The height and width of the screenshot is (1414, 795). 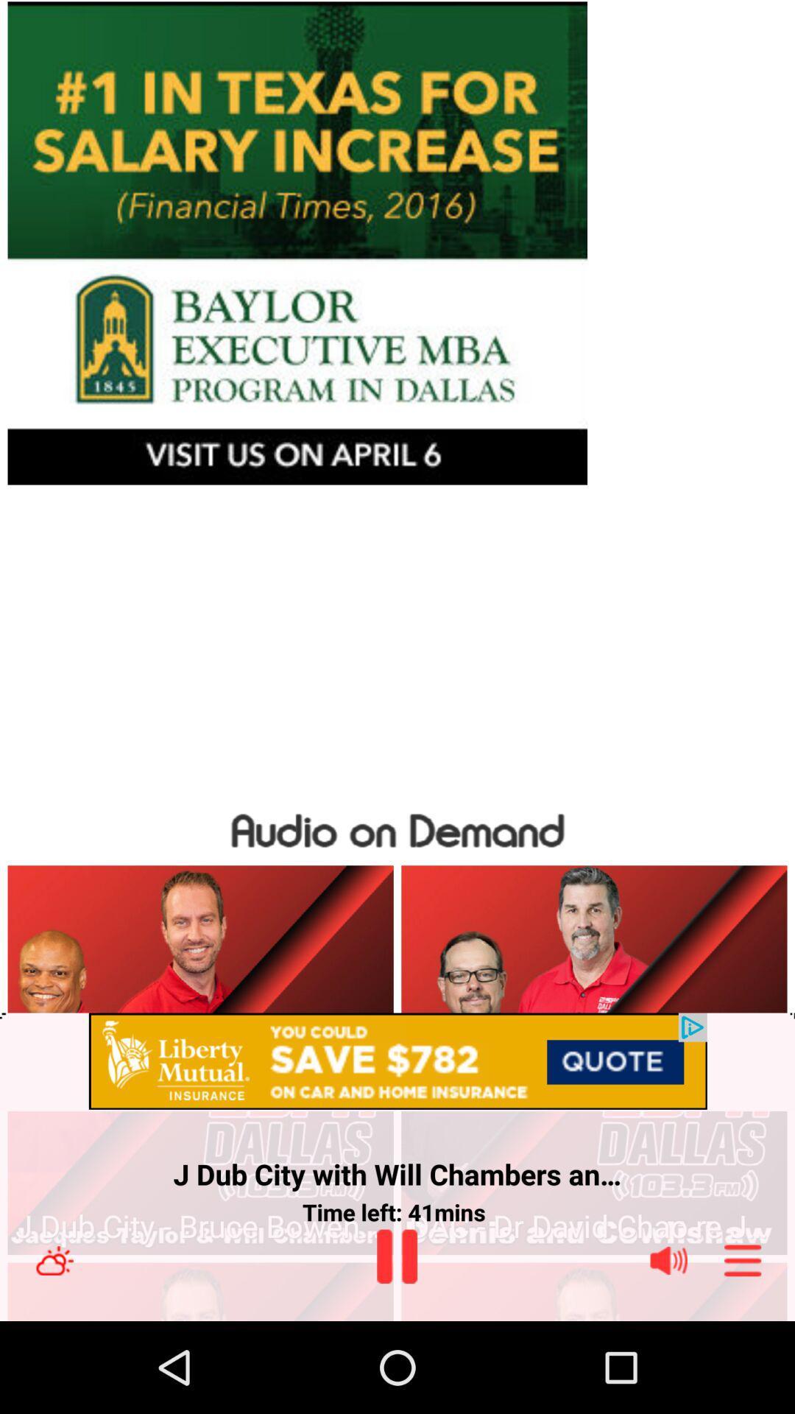 What do you see at coordinates (396, 1256) in the screenshot?
I see `pauses video` at bounding box center [396, 1256].